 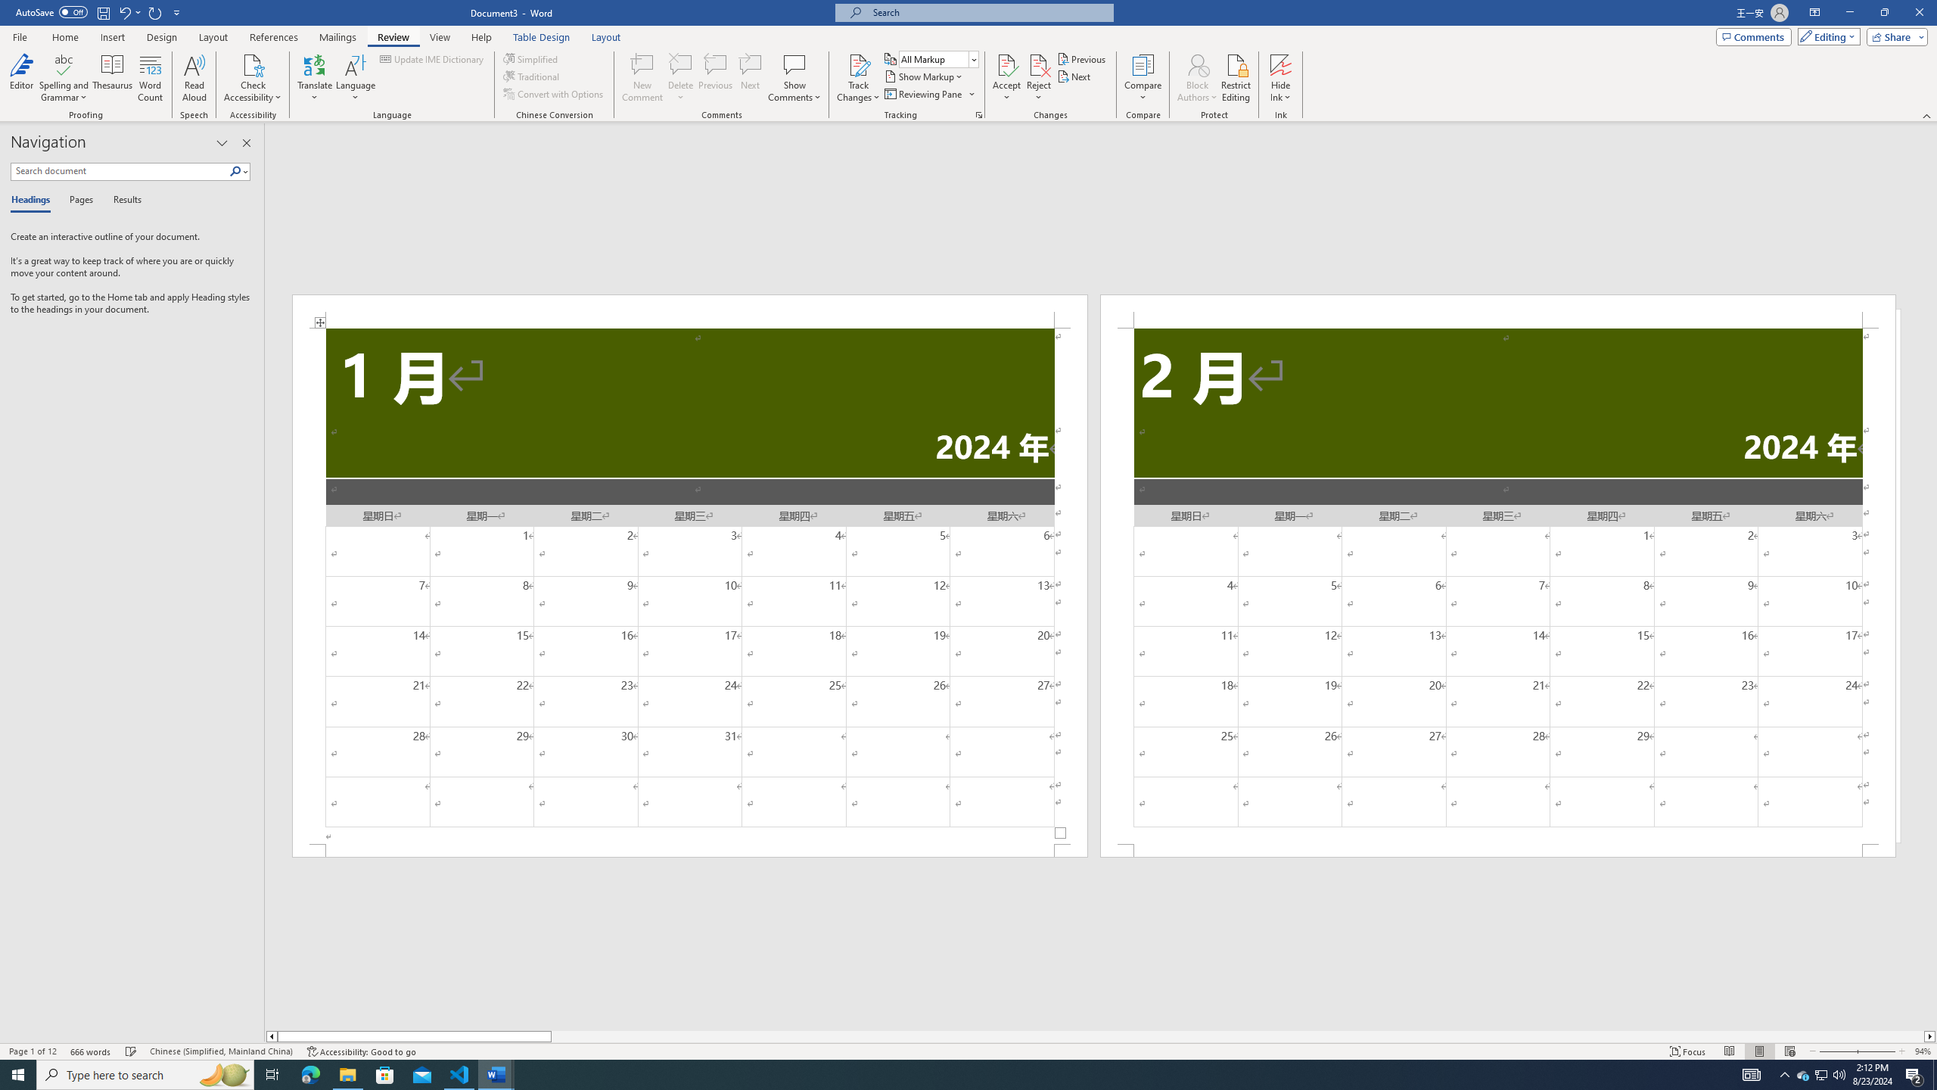 What do you see at coordinates (1280, 78) in the screenshot?
I see `'Hide Ink'` at bounding box center [1280, 78].